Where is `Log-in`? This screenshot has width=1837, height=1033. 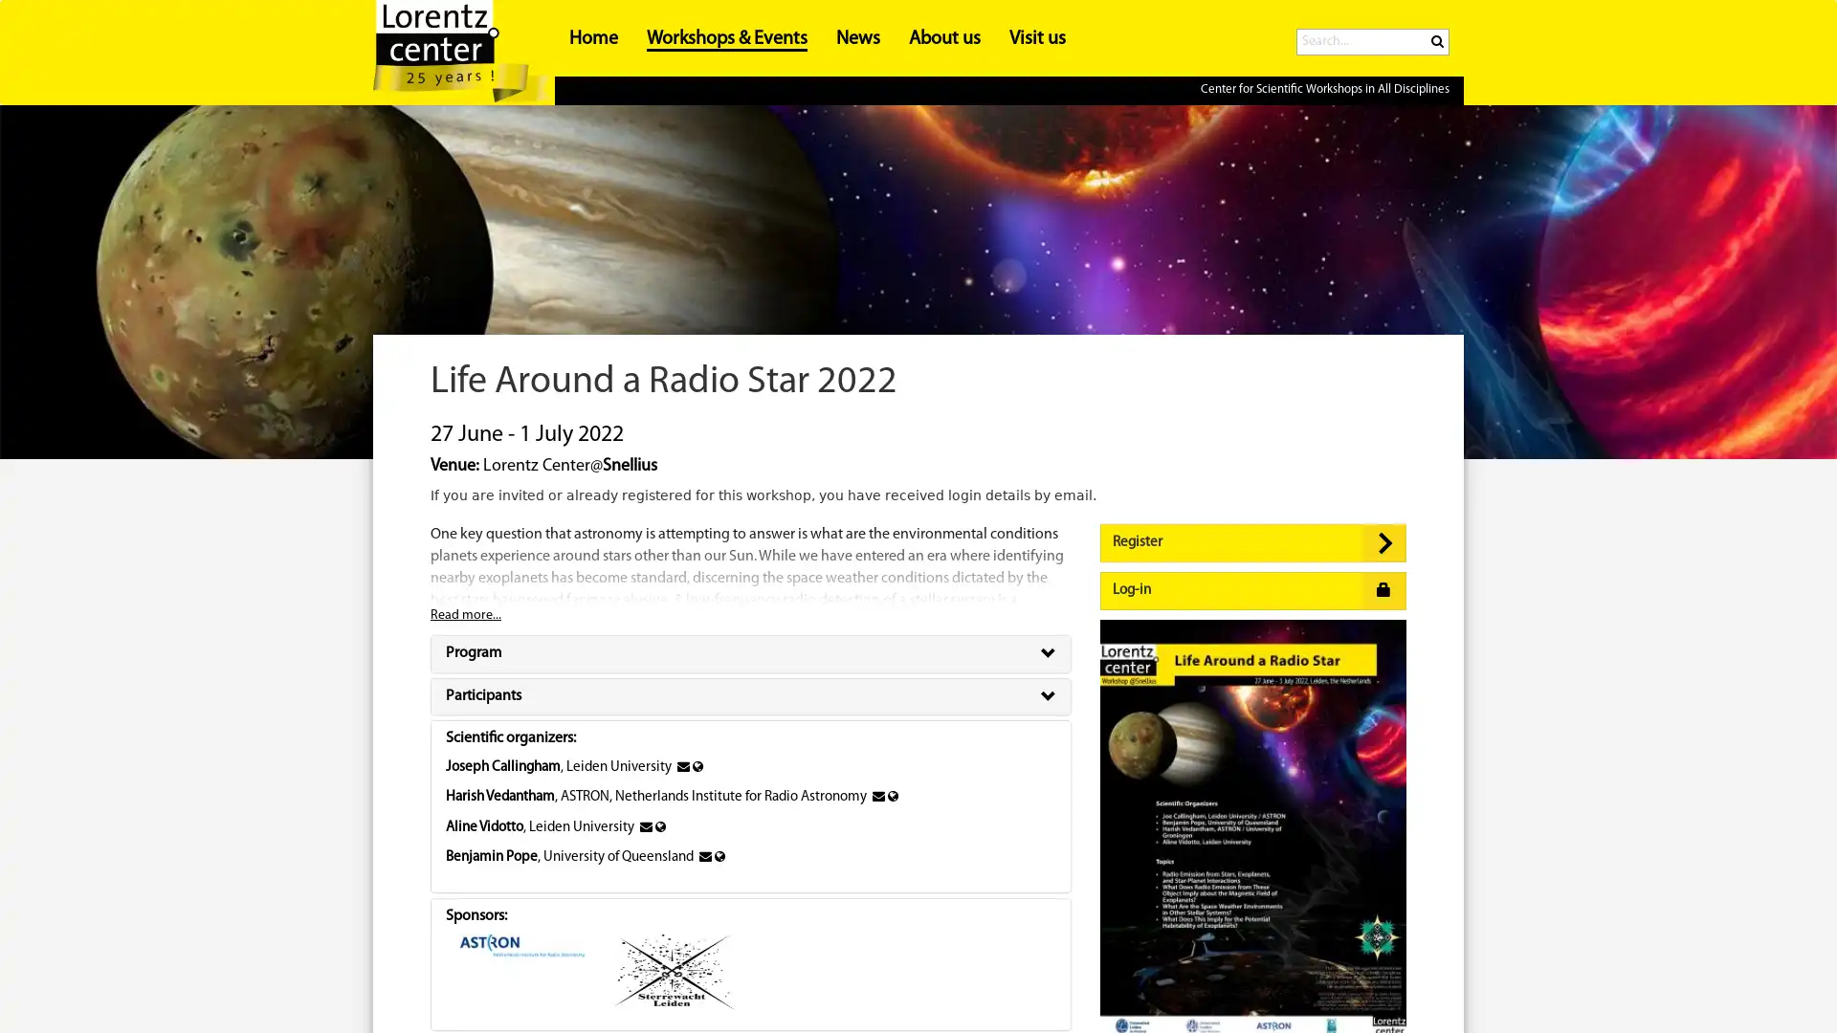 Log-in is located at coordinates (1253, 589).